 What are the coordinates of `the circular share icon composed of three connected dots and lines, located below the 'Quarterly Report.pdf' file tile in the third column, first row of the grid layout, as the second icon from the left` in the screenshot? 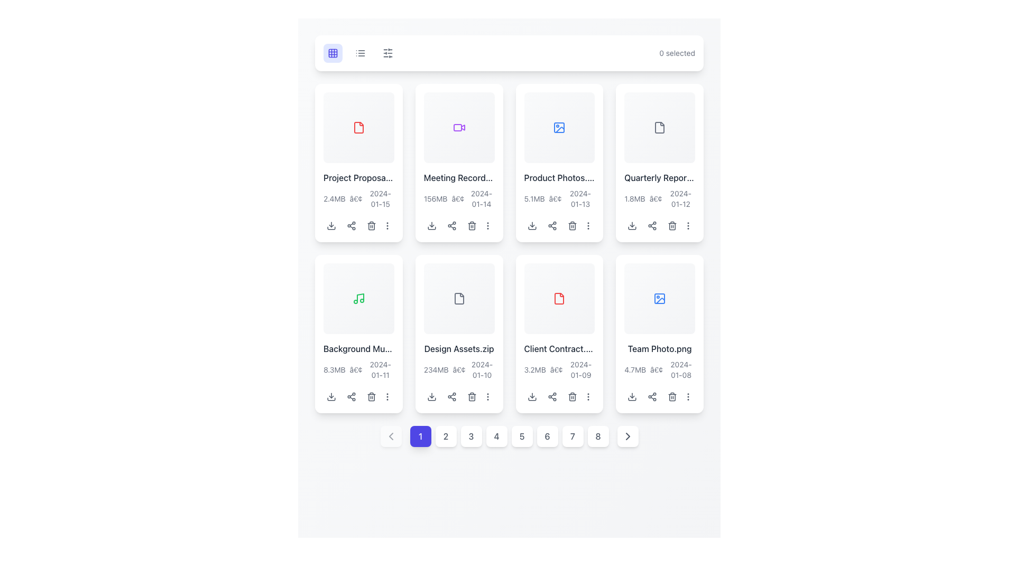 It's located at (651, 225).